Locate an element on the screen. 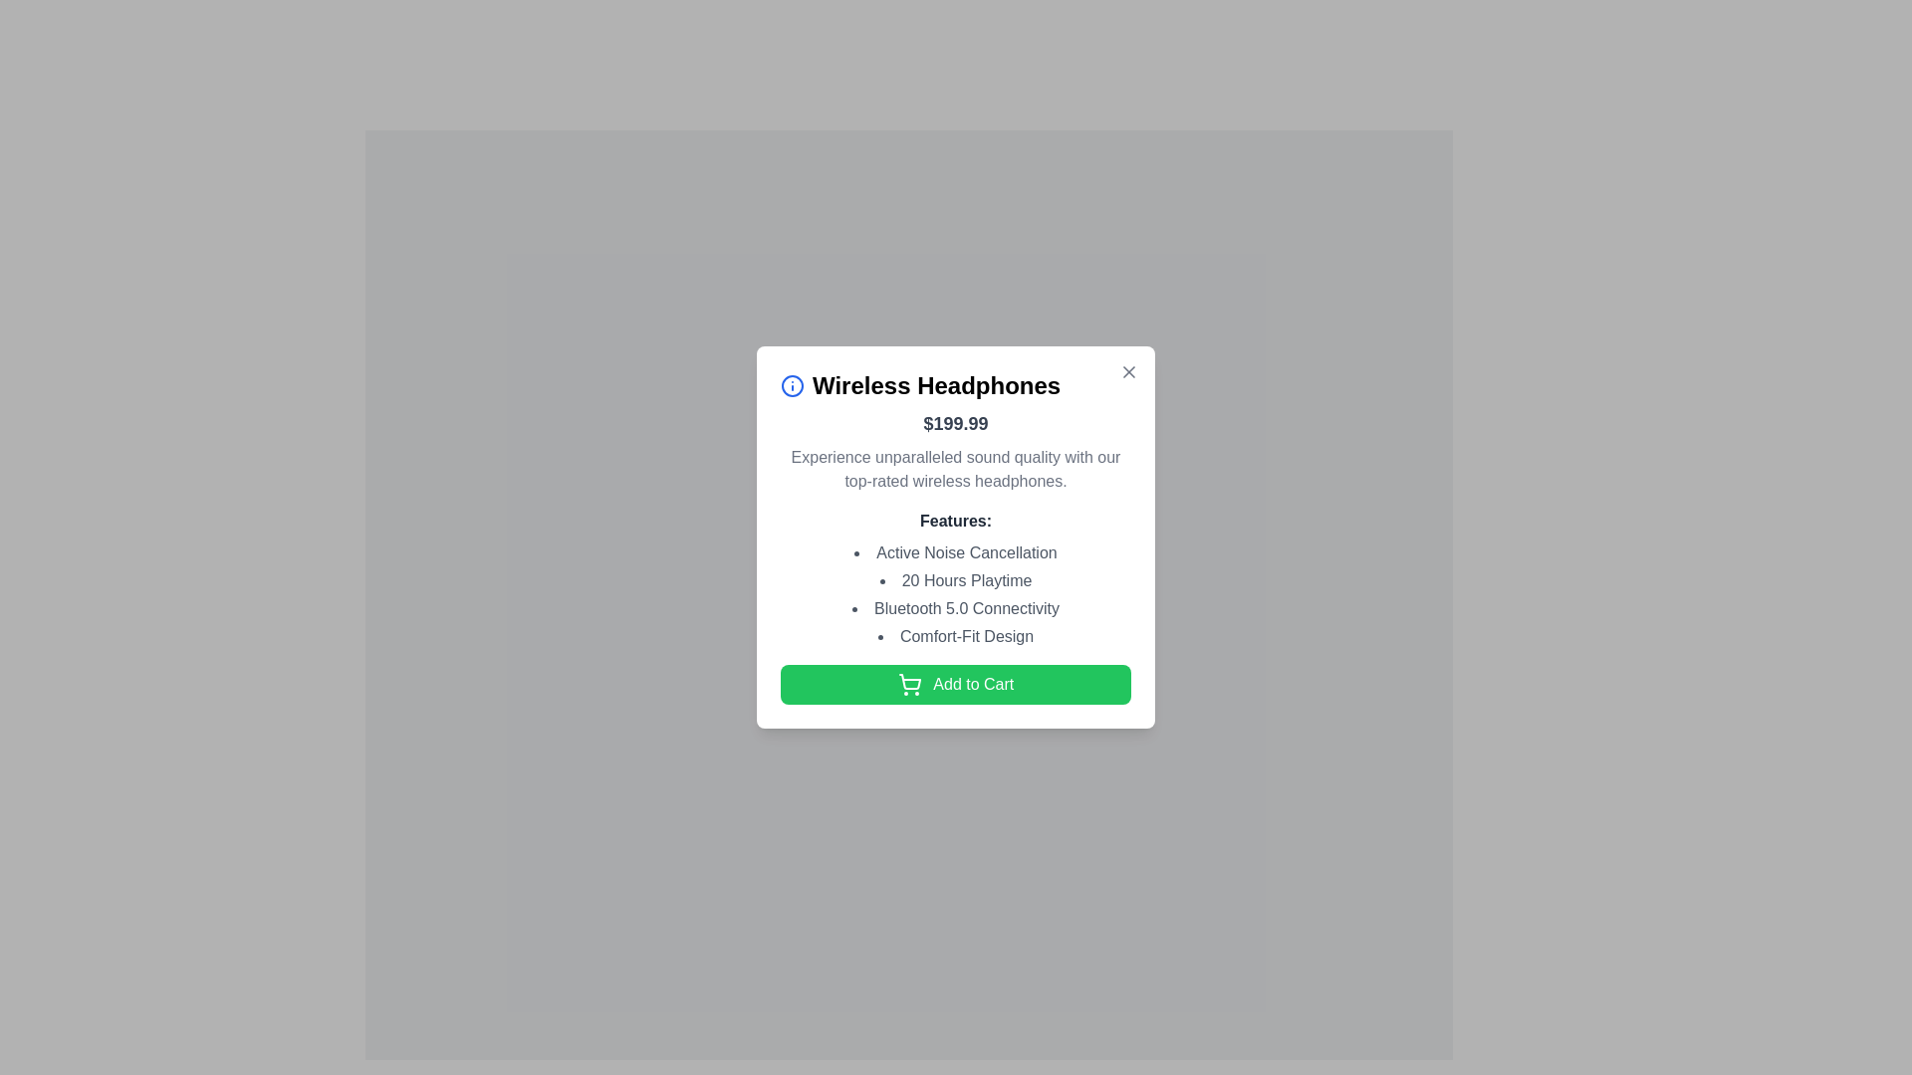  text content of the header labeled 'Wireless Headphones', which is prominently displayed at the top of the card layout is located at coordinates (956, 384).